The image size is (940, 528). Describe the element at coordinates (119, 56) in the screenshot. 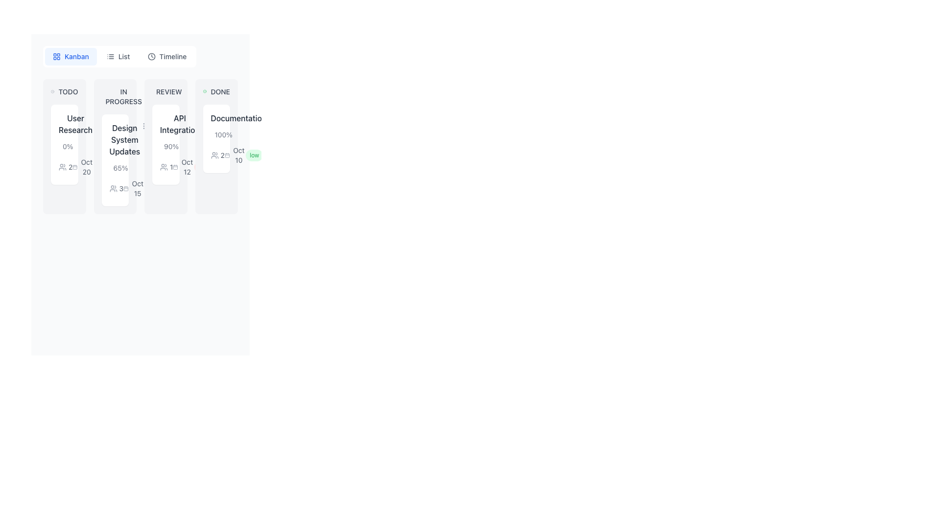

I see `the 'List' button located in the middle of the navigation bar at the top of the interface` at that location.